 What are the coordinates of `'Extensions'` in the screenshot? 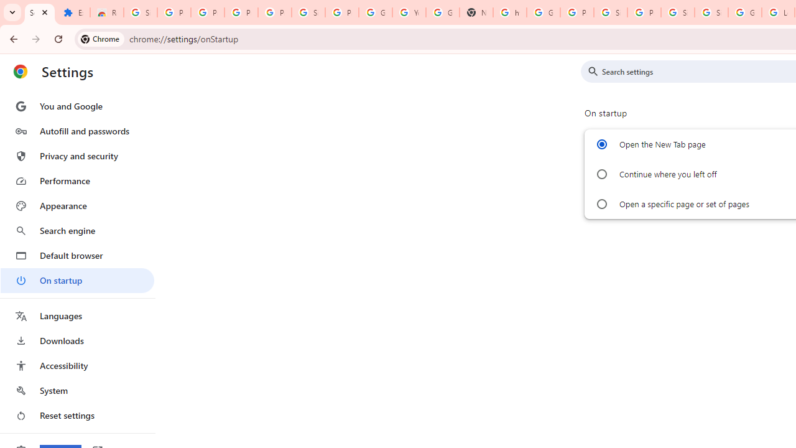 It's located at (72, 12).